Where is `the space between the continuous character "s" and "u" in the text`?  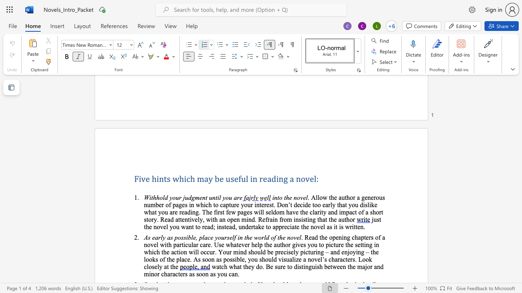 the space between the continuous character "s" and "u" in the text is located at coordinates (286, 259).